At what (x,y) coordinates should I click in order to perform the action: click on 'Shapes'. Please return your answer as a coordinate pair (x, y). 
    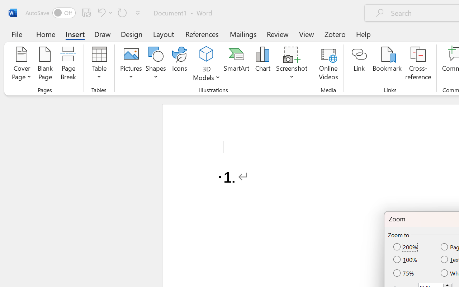
    Looking at the image, I should click on (156, 64).